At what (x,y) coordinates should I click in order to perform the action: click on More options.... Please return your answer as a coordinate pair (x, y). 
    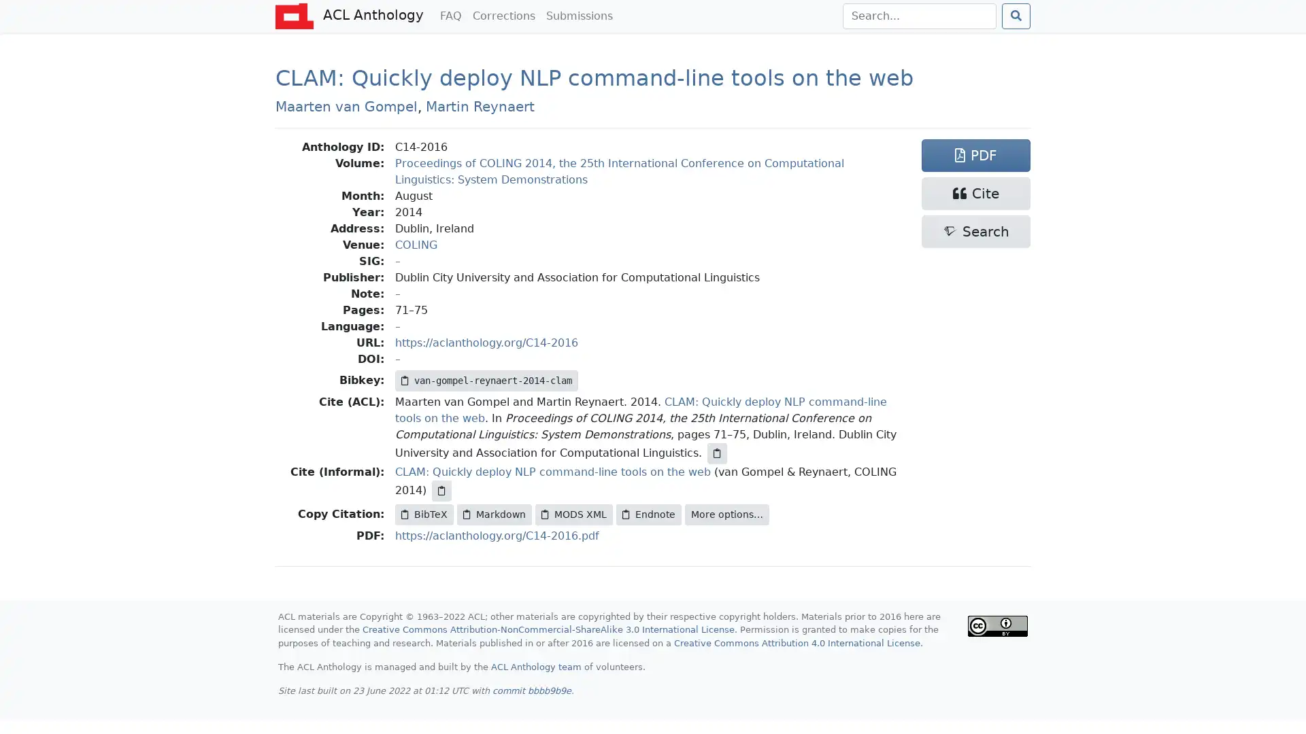
    Looking at the image, I should click on (726, 514).